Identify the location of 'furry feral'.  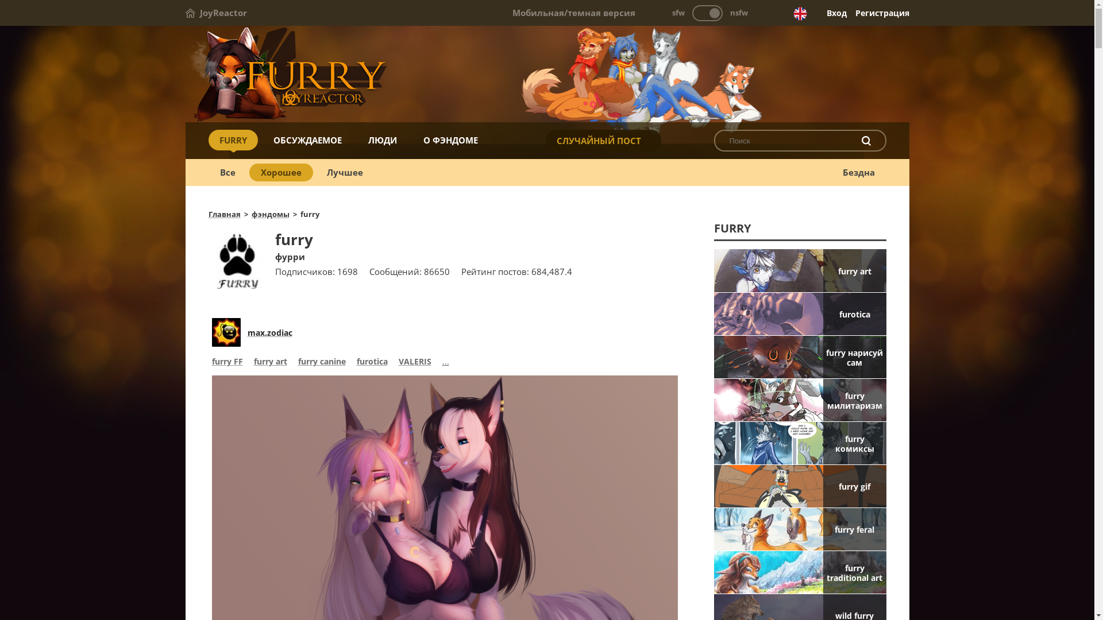
(799, 529).